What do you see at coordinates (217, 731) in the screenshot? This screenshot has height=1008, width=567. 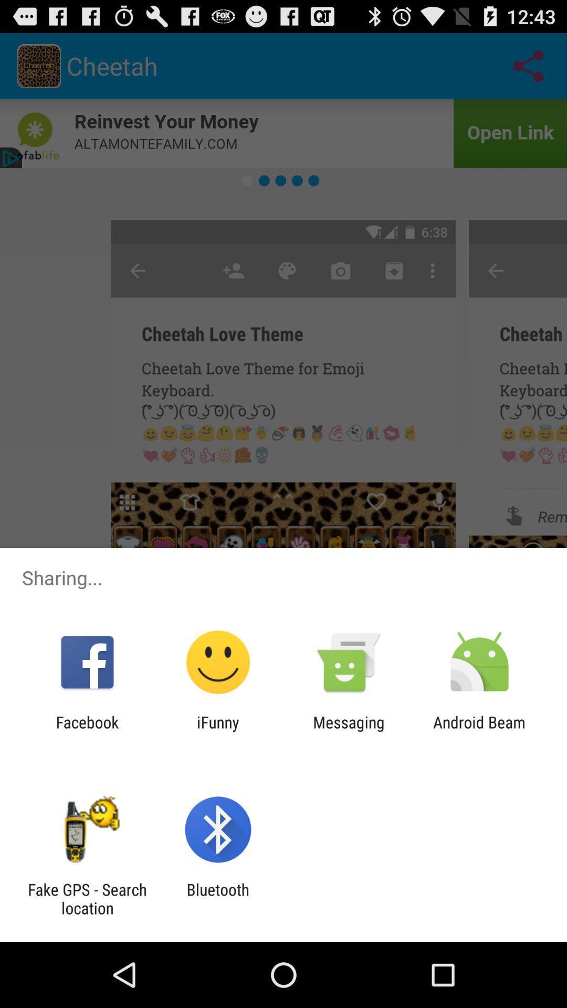 I see `the item next to facebook item` at bounding box center [217, 731].